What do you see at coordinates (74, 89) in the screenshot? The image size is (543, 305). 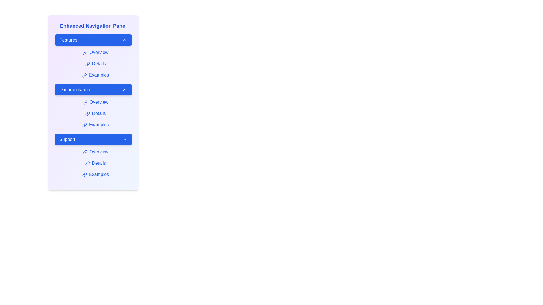 I see `the 'Documentation' text label styled with white text against a blue background in the navigation panel to interact with the associated section` at bounding box center [74, 89].